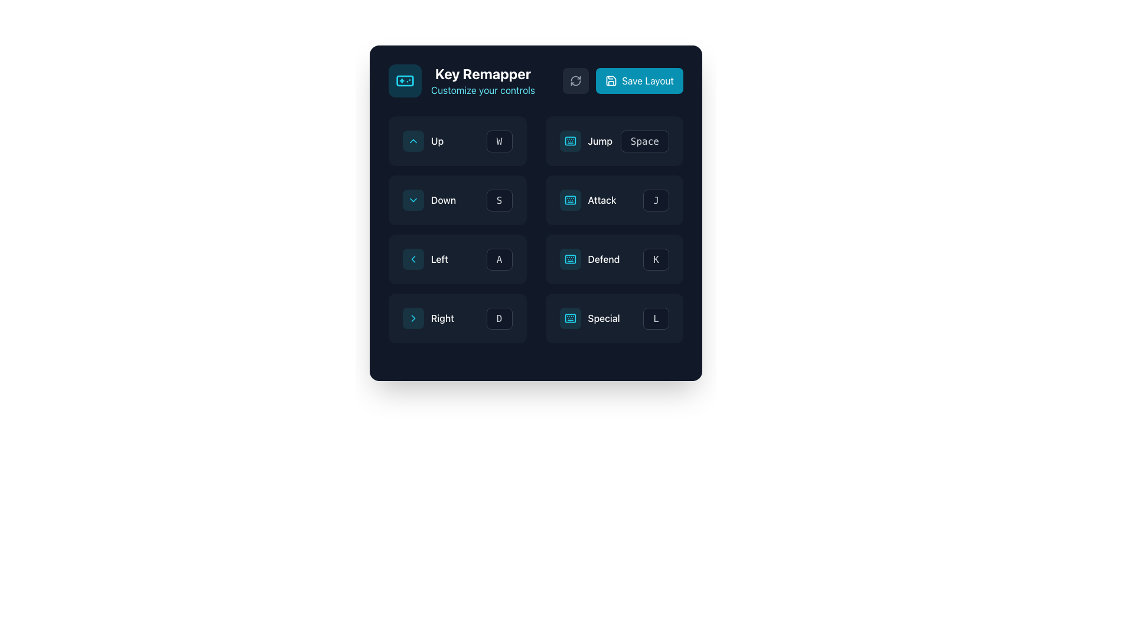  What do you see at coordinates (623, 80) in the screenshot?
I see `the save button located in the top-right section of the interface, adjacent to the refresh button, using keyboard navigation to perform the save operation` at bounding box center [623, 80].